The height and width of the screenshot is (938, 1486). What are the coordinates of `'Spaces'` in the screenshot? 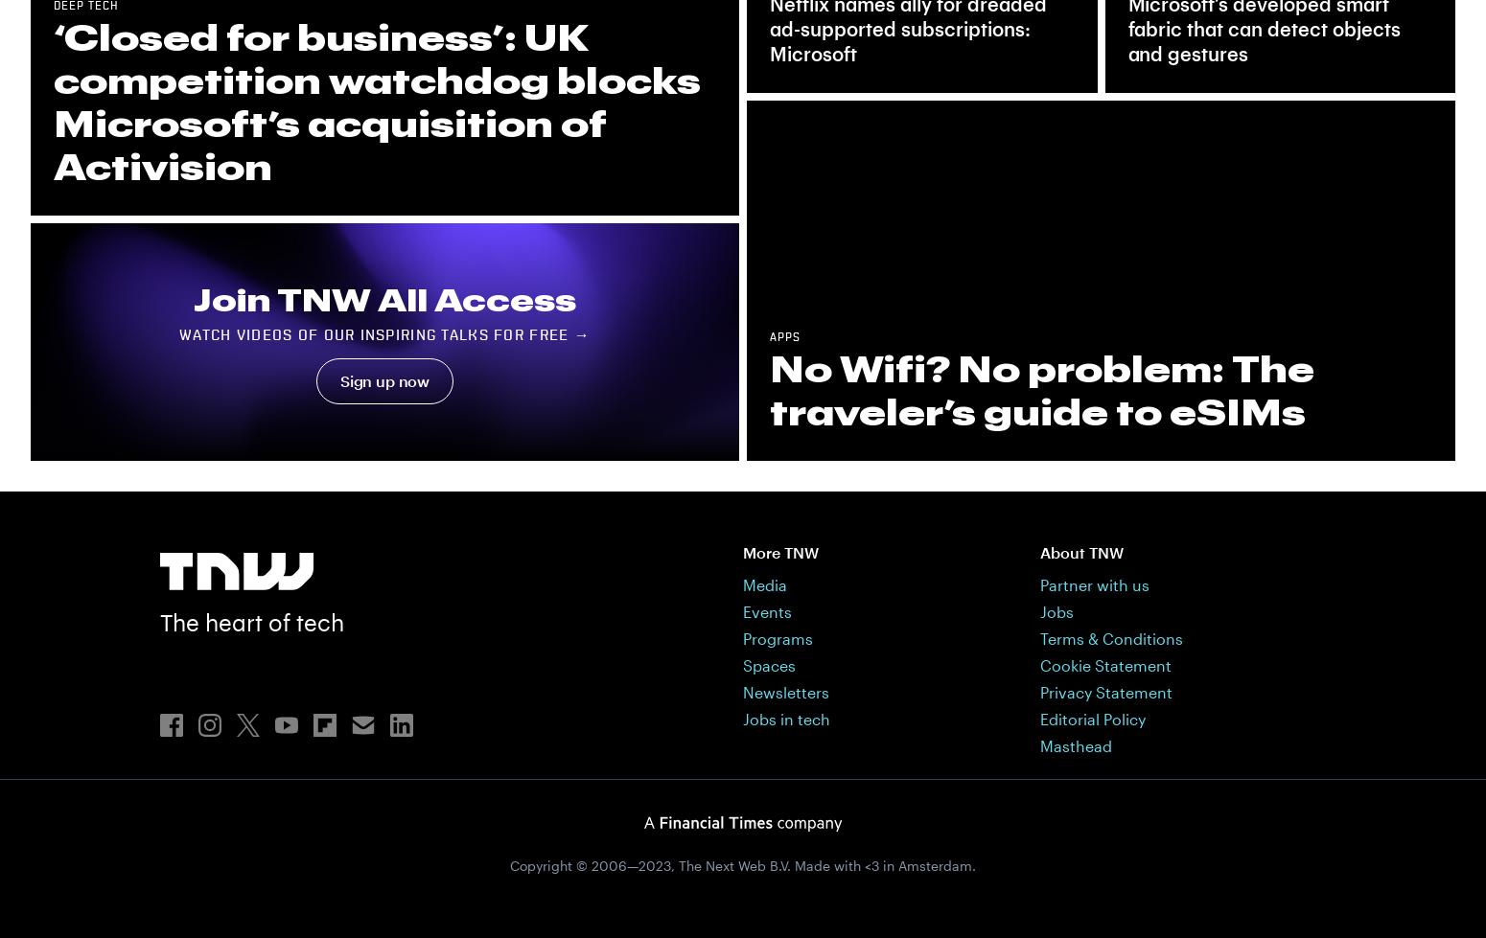 It's located at (768, 664).